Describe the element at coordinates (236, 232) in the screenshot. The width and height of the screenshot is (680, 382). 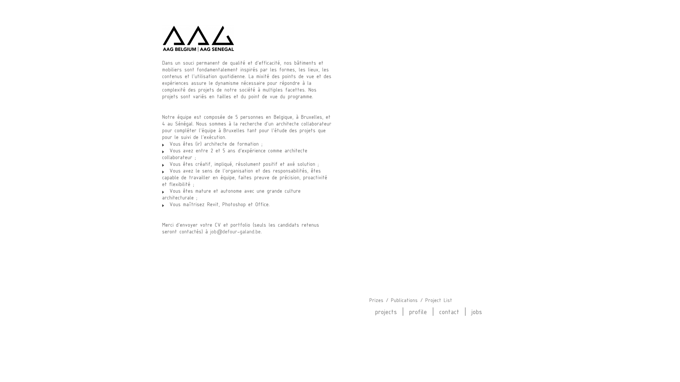
I see `'@'` at that location.